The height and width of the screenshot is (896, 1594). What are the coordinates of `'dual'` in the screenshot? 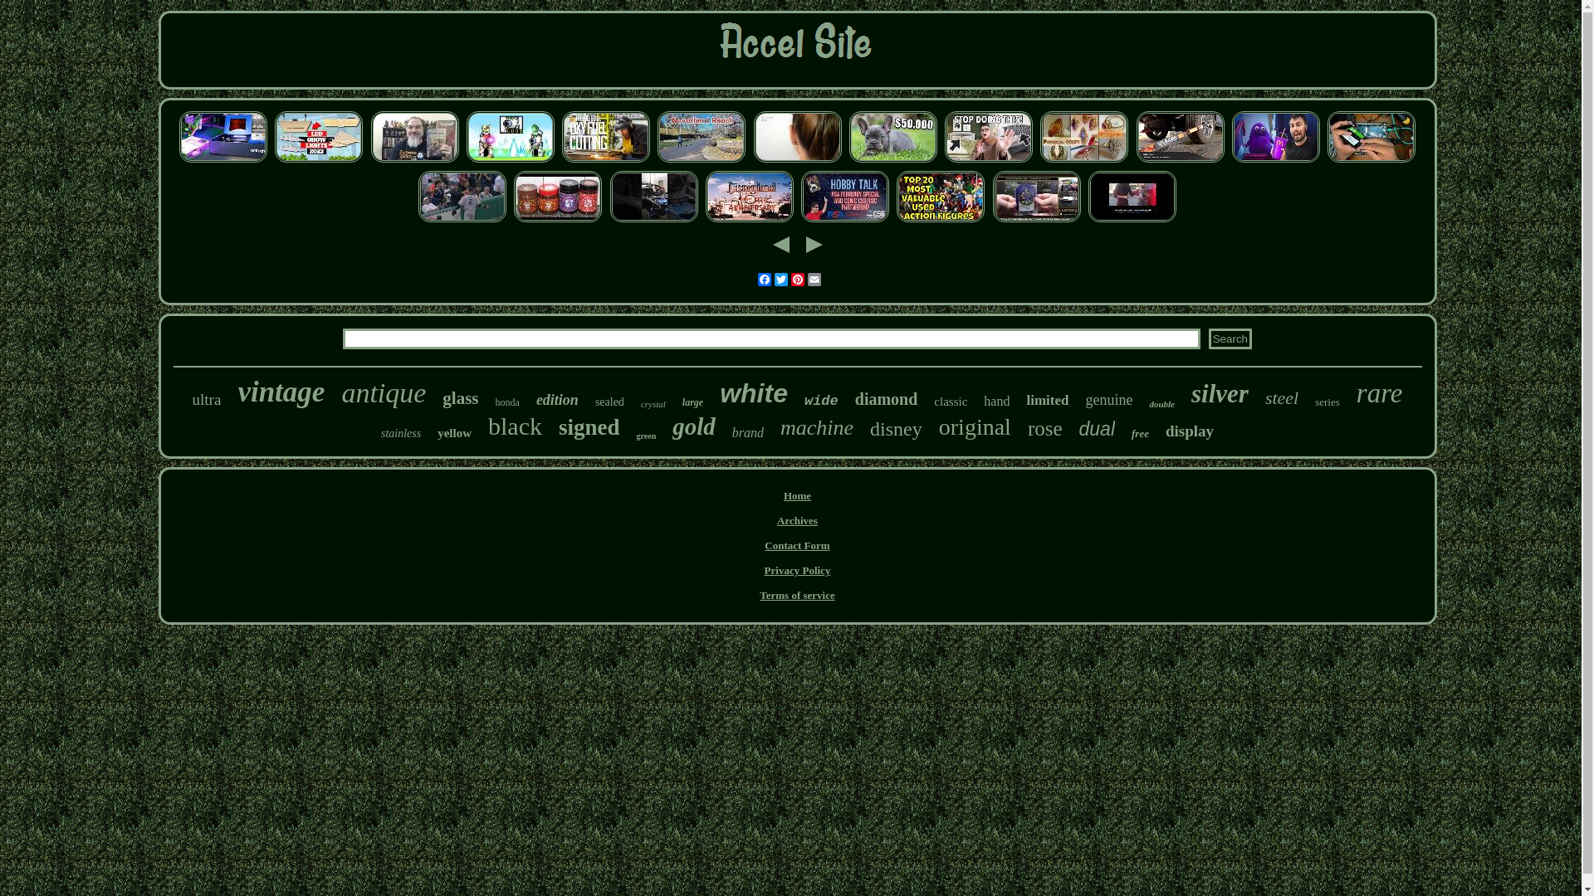 It's located at (1097, 428).